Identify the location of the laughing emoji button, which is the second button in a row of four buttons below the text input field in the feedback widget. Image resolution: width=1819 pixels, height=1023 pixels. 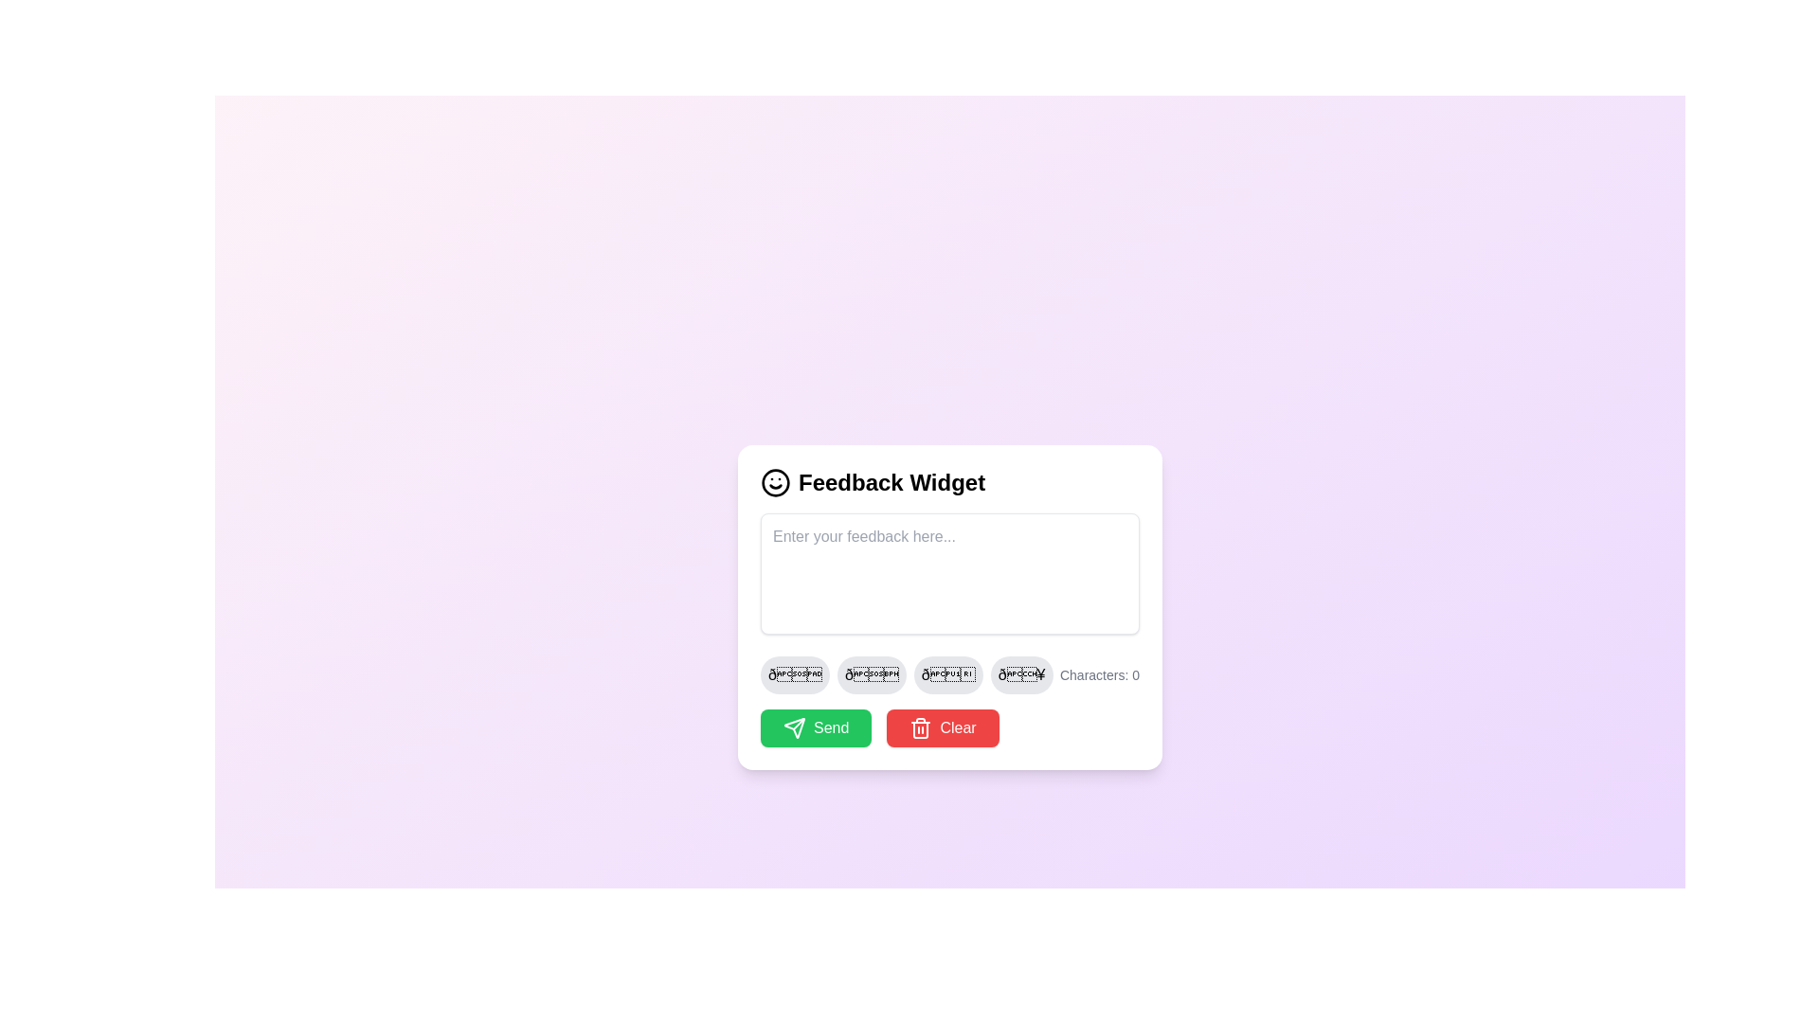
(871, 673).